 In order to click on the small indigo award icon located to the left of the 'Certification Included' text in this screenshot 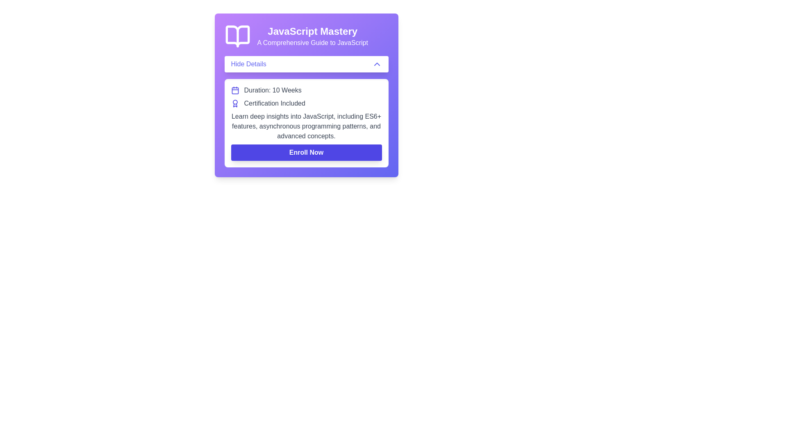, I will do `click(234, 103)`.